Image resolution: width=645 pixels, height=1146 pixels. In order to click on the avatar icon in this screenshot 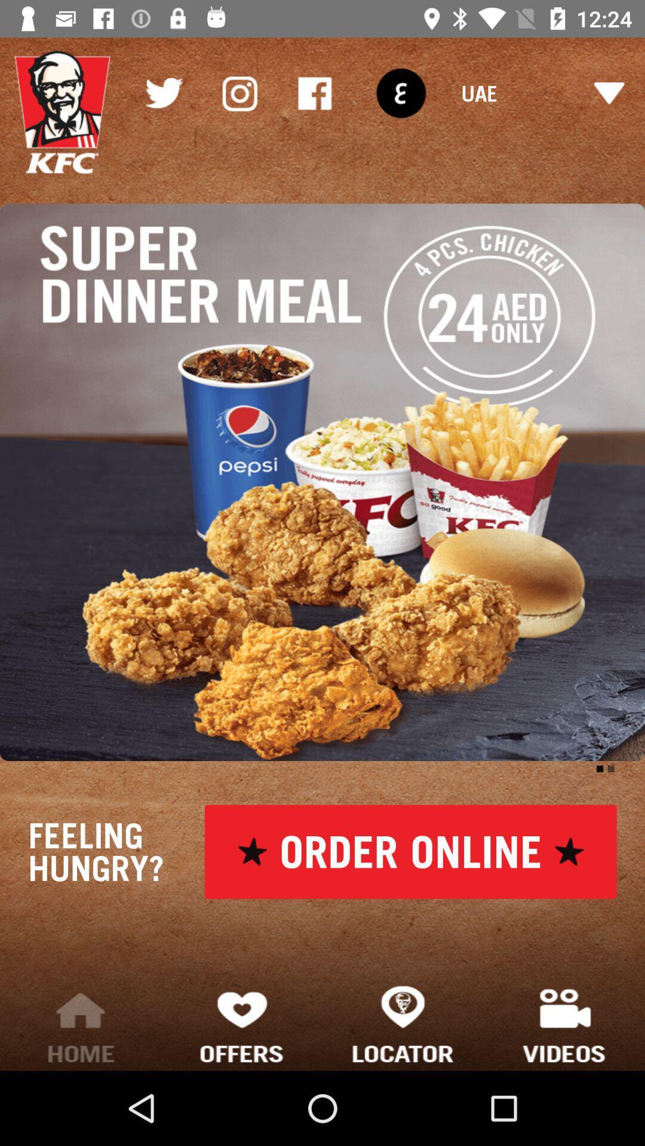, I will do `click(62, 112)`.